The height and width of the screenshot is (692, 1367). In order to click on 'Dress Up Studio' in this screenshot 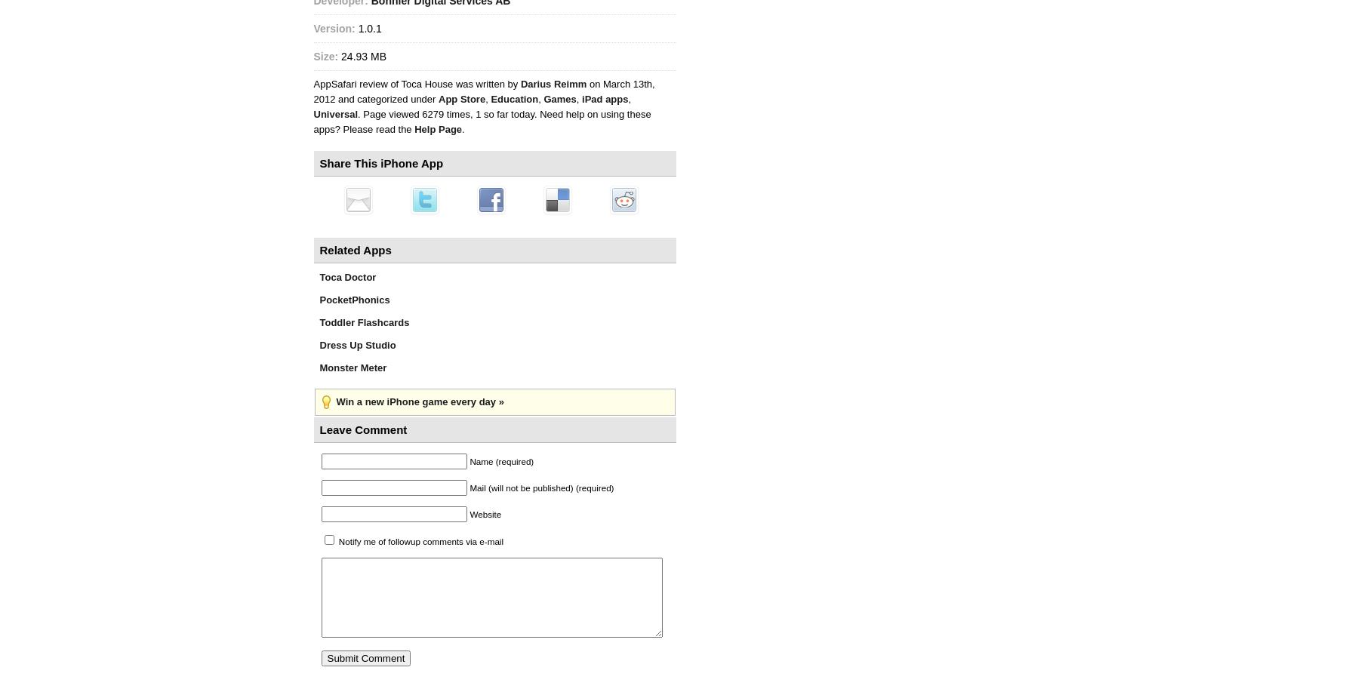, I will do `click(357, 345)`.